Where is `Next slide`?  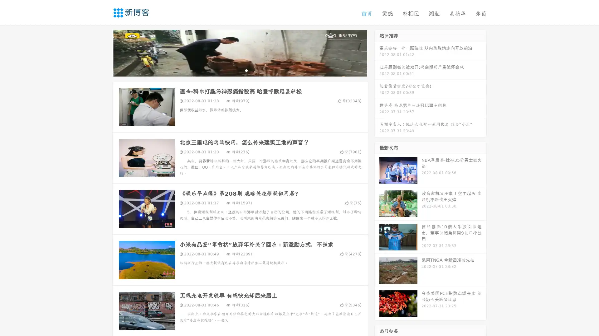
Next slide is located at coordinates (377, 52).